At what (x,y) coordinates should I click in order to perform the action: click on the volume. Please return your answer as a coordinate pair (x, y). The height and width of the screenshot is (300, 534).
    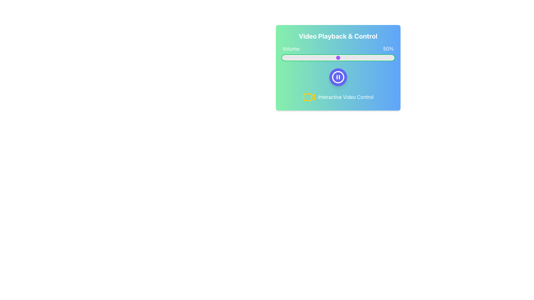
    Looking at the image, I should click on (384, 58).